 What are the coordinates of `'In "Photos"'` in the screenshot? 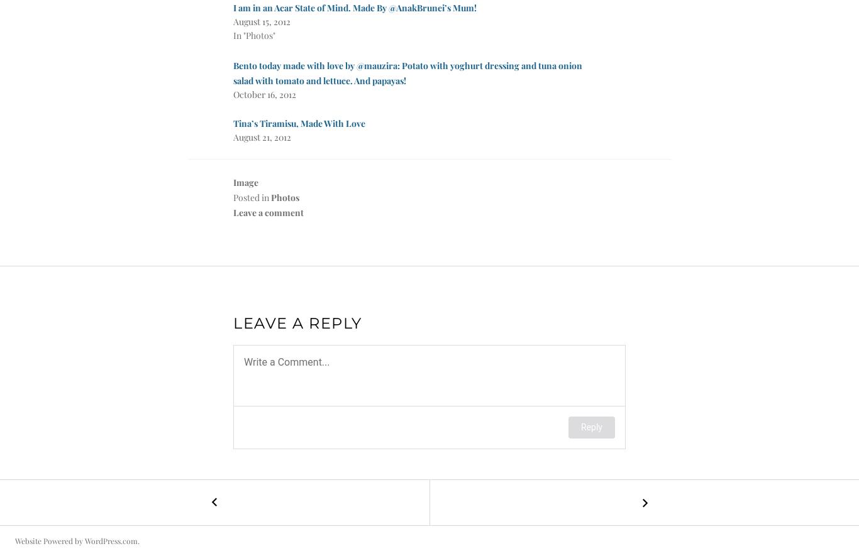 It's located at (253, 35).